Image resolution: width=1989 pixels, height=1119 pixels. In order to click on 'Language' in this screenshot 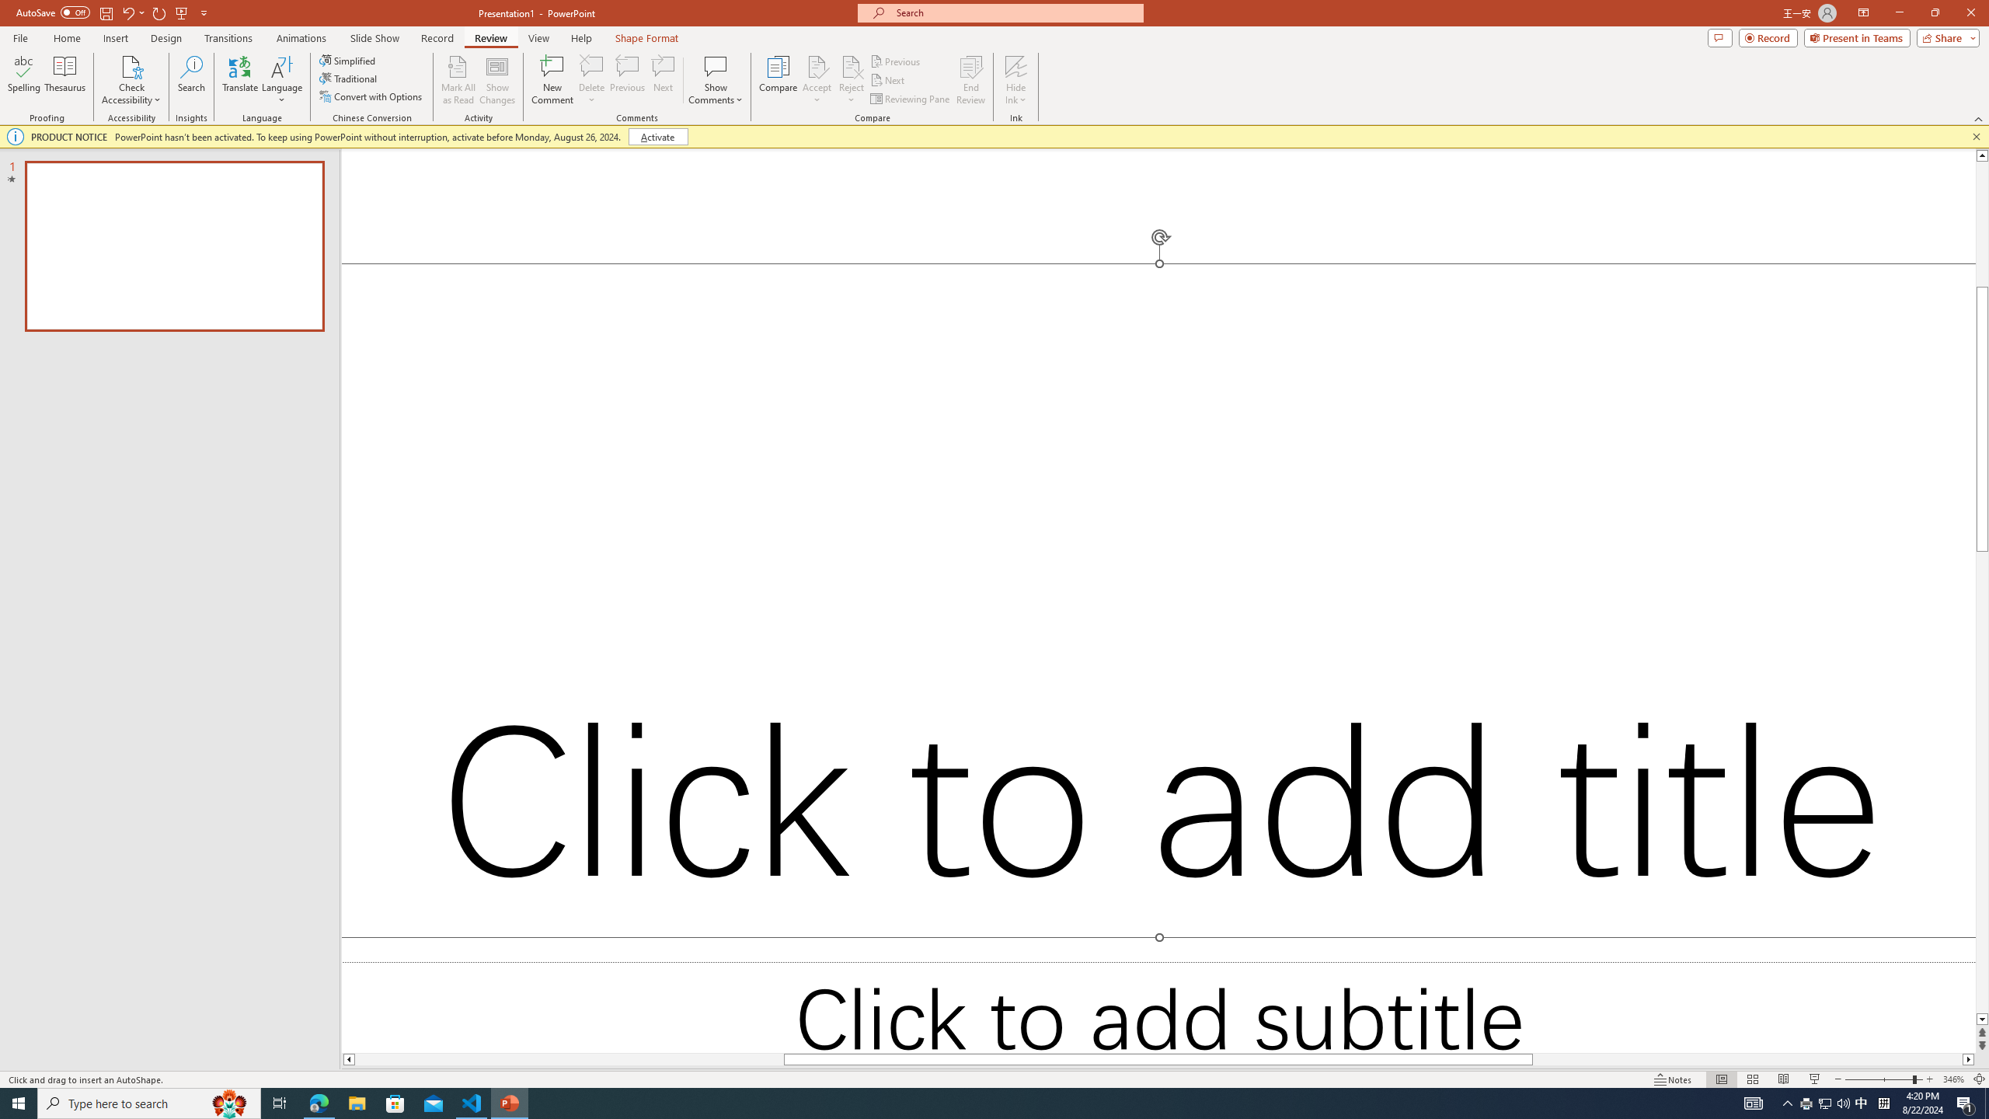, I will do `click(281, 80)`.